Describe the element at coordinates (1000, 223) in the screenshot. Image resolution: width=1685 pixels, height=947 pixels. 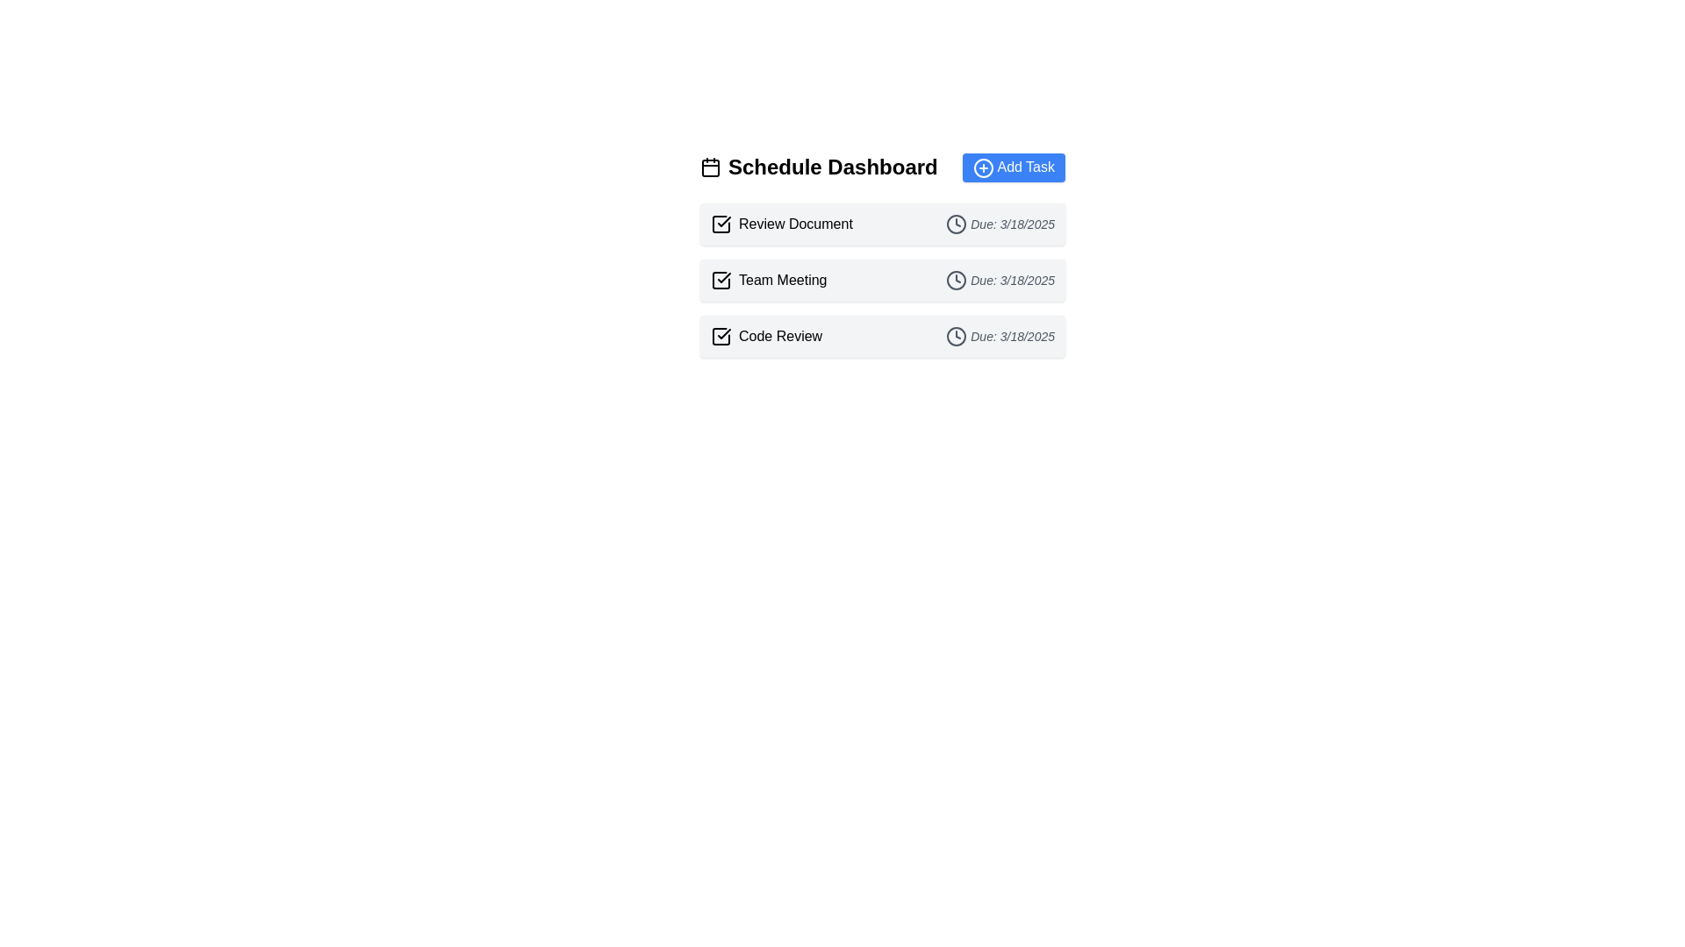
I see `due date information from the static text label styled in italic gray font that says 'Due: 3/18/2025', which is positioned next to a clock-shaped icon on the right side of the task summary card` at that location.